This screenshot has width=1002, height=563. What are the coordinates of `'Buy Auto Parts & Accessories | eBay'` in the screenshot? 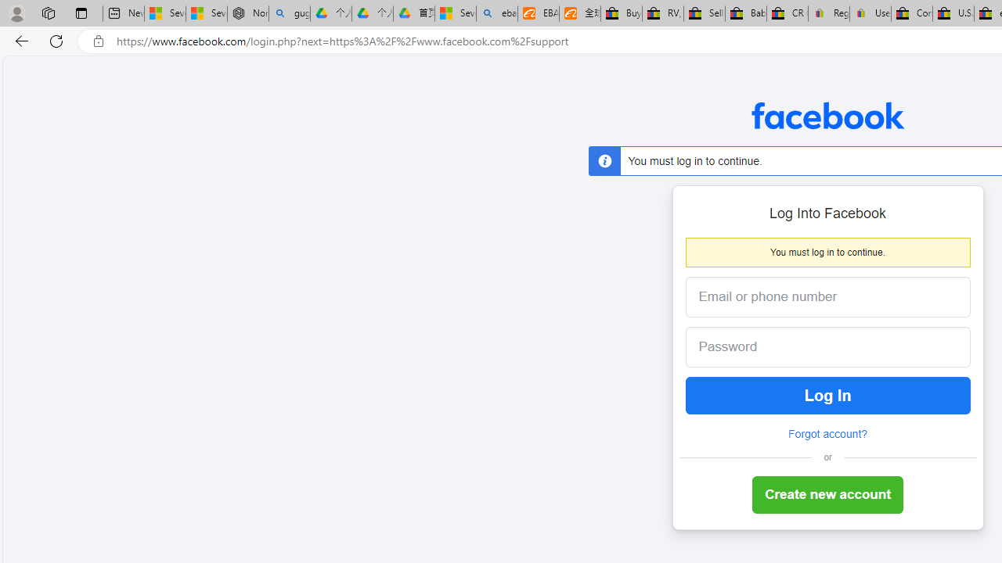 It's located at (621, 13).